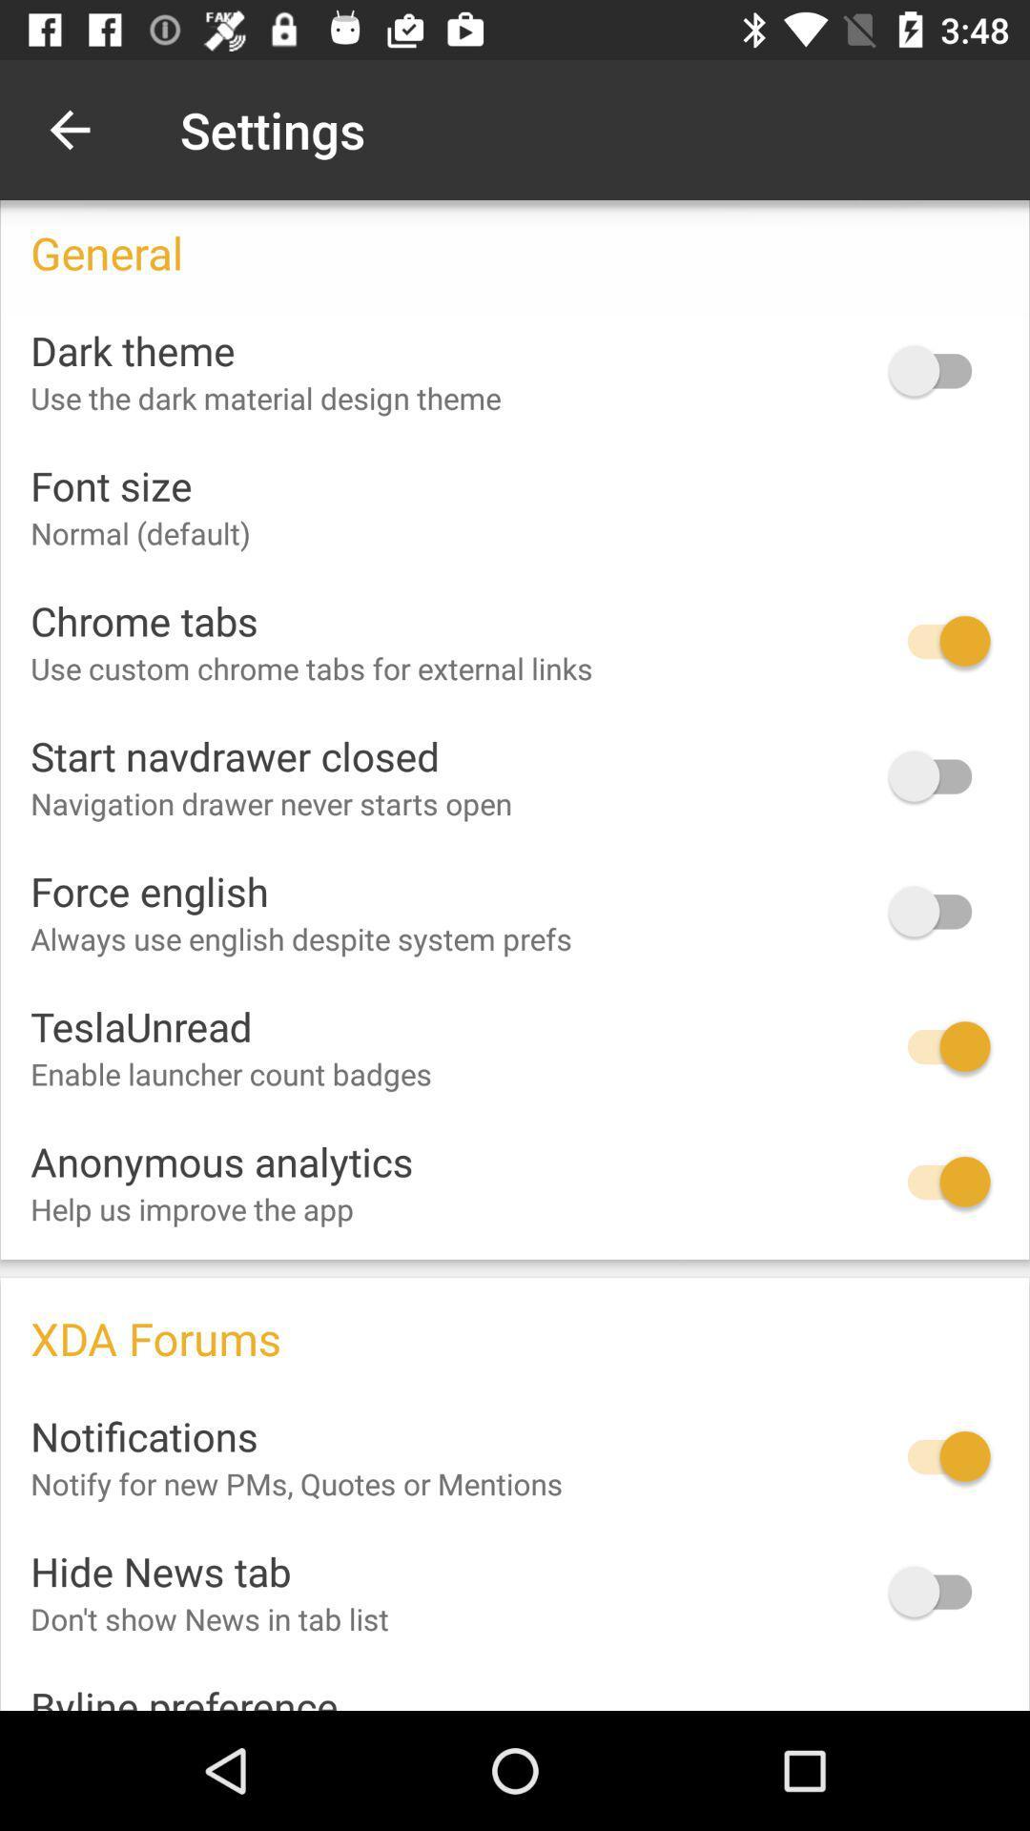  Describe the element at coordinates (69, 129) in the screenshot. I see `icon to the left of the settings item` at that location.